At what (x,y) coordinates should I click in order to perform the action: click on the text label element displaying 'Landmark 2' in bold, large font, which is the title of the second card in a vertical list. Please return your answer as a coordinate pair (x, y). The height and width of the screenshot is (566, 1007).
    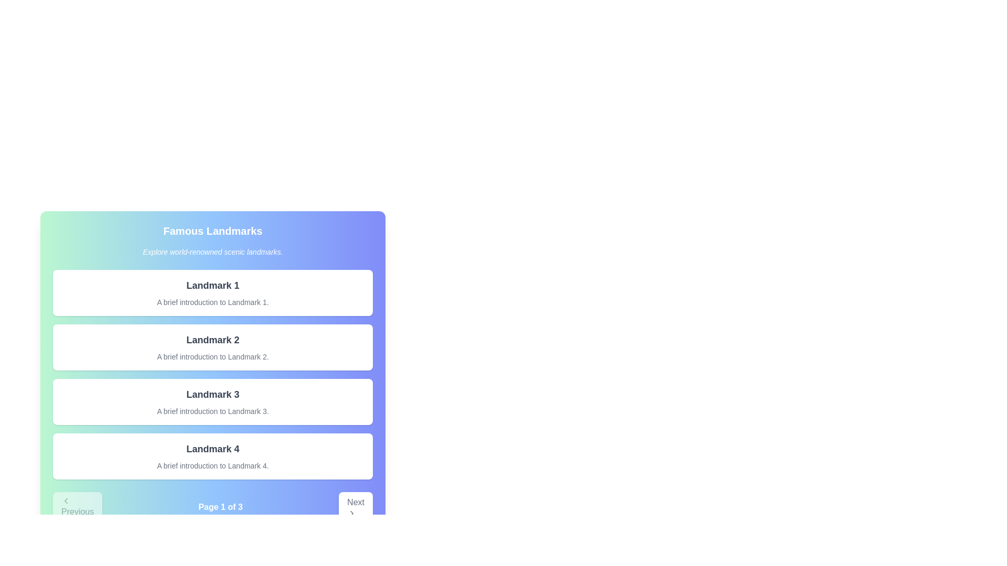
    Looking at the image, I should click on (212, 340).